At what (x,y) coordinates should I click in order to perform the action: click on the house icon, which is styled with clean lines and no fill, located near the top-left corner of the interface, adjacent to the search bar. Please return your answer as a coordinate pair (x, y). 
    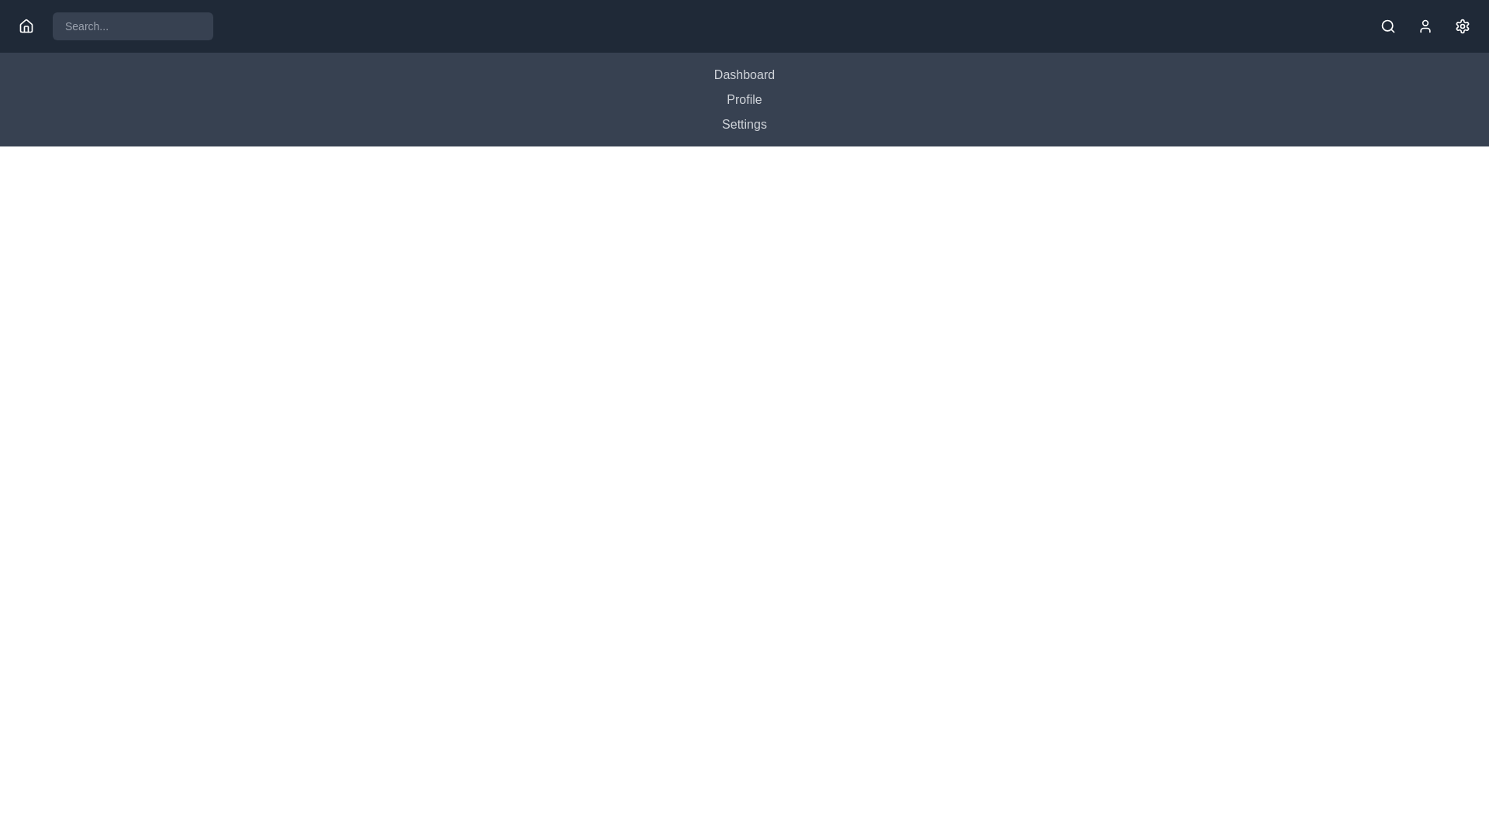
    Looking at the image, I should click on (26, 26).